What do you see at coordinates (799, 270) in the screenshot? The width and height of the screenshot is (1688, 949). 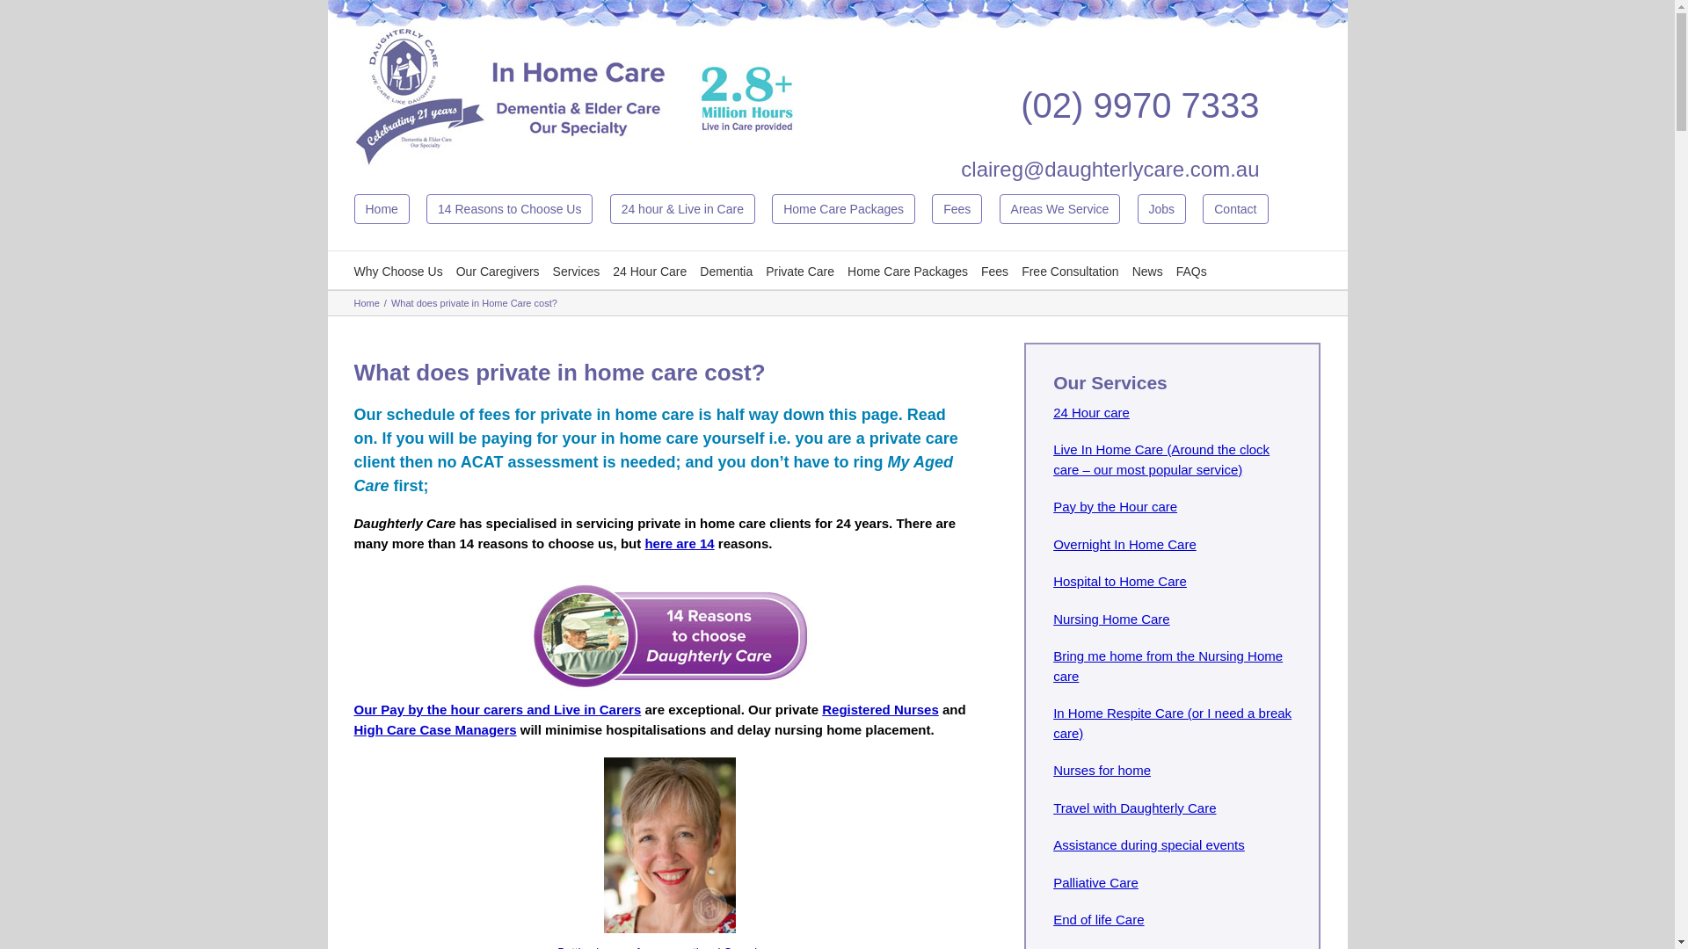 I see `'Private Care'` at bounding box center [799, 270].